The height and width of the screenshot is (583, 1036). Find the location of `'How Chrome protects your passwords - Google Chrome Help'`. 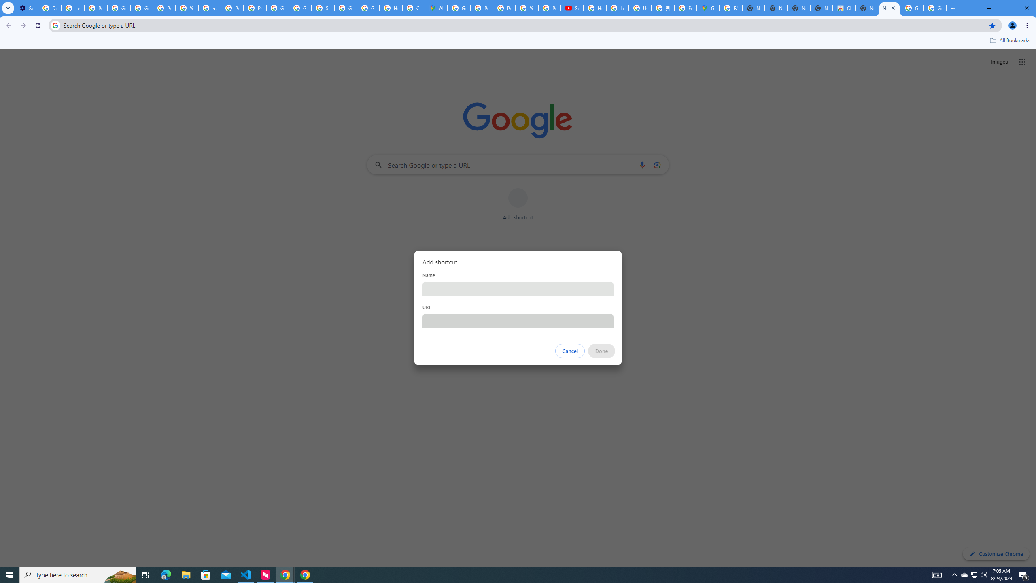

'How Chrome protects your passwords - Google Chrome Help' is located at coordinates (594, 8).